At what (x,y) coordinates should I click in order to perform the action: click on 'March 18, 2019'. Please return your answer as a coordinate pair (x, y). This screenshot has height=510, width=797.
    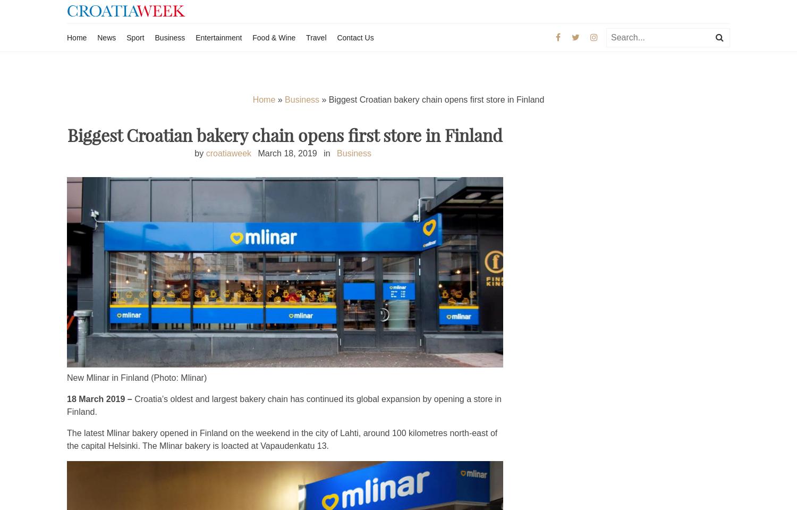
    Looking at the image, I should click on (287, 152).